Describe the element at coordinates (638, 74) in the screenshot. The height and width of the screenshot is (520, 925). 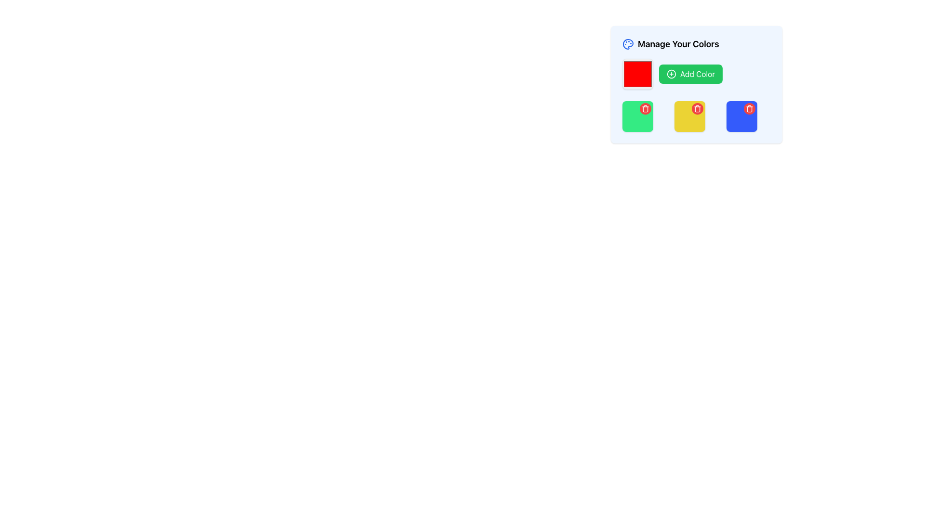
I see `the red color display box, which is a square element with rounded corners and a drop shadow, positioned to the left of the 'Add Color' button` at that location.